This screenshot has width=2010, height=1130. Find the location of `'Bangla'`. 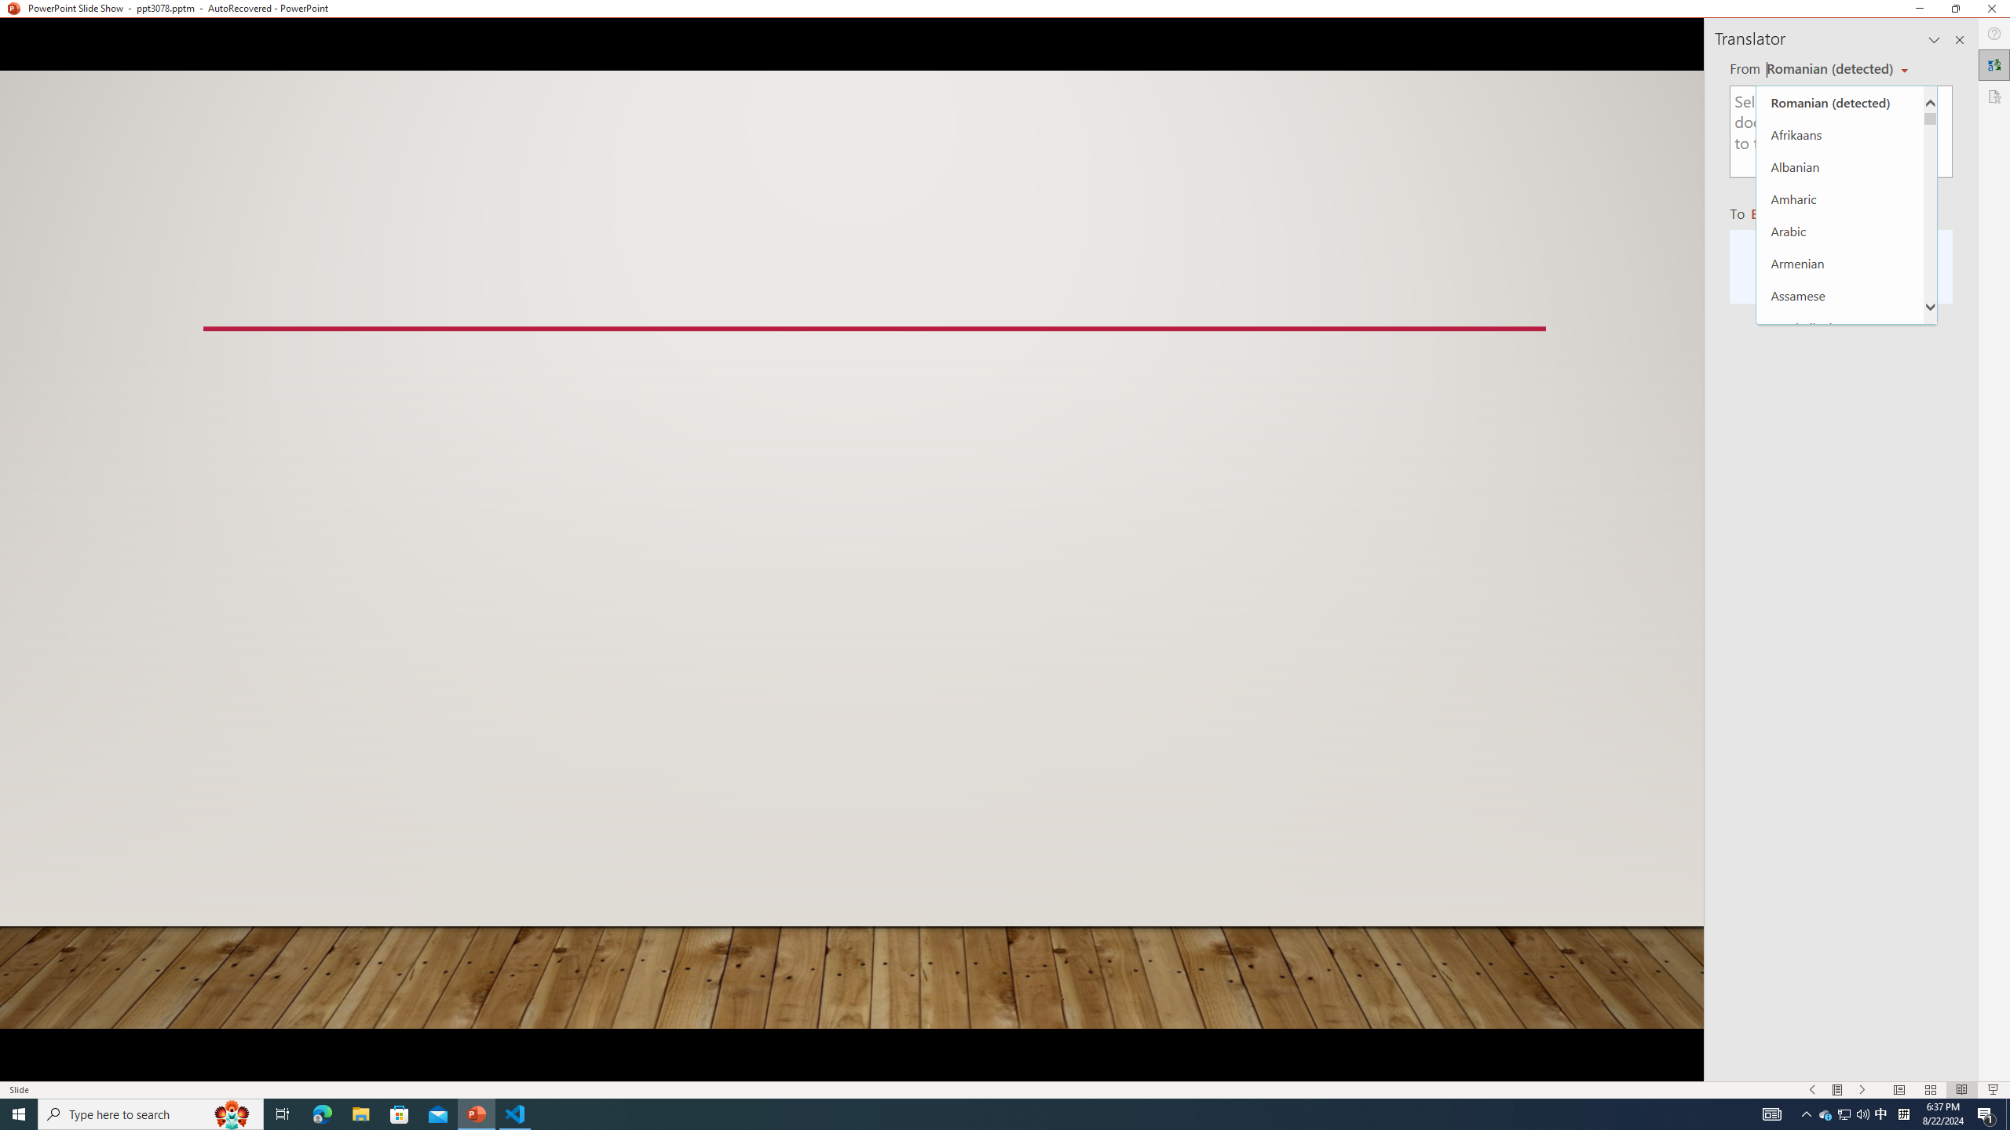

'Bangla' is located at coordinates (1840, 359).